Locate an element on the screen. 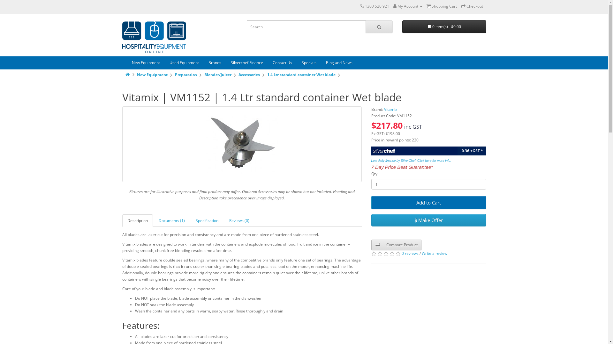 The image size is (613, 344). '1.4 Ltr standard container Wet blade' is located at coordinates (301, 74).